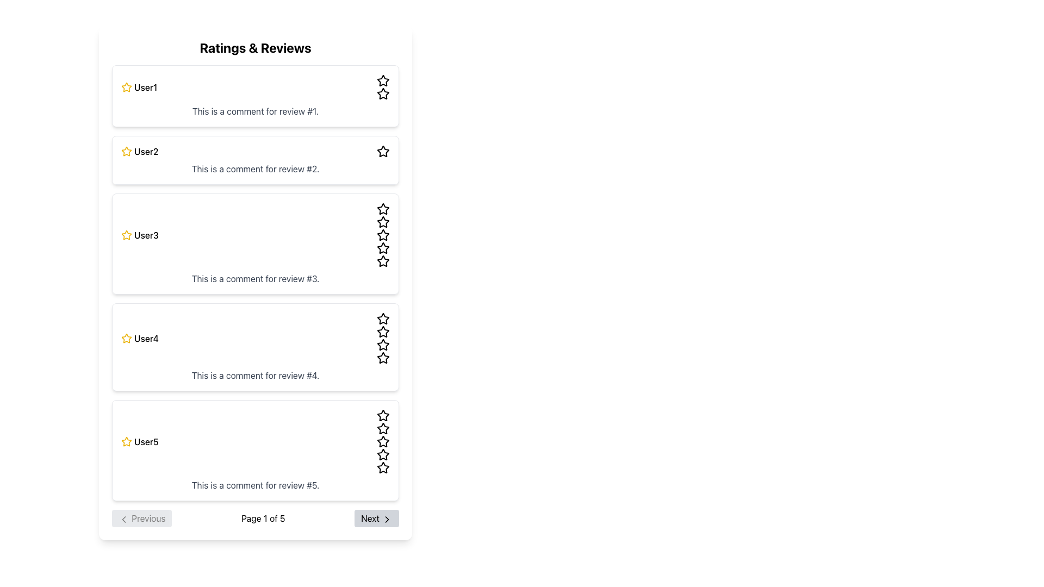 The image size is (1044, 587). I want to click on text label that displays 'This is a comment for review #1.' positioned beneath the 'User1' heading and rating stars in the first review card, so click(255, 111).